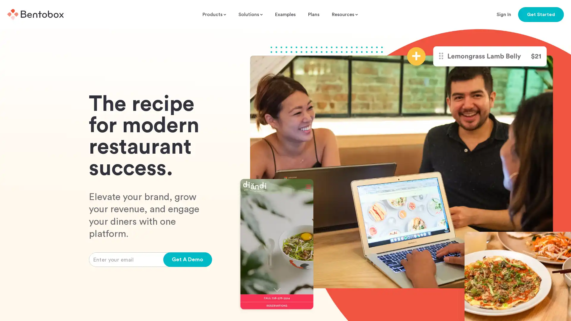  I want to click on Solutions, so click(250, 14).